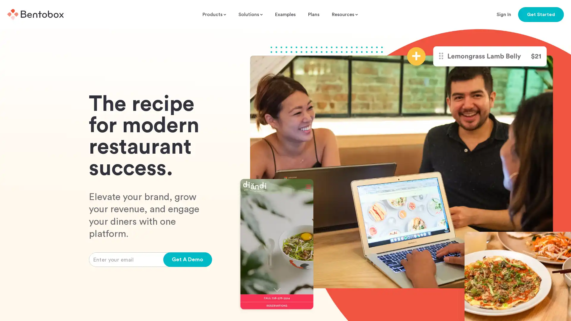  I want to click on Solutions, so click(250, 14).